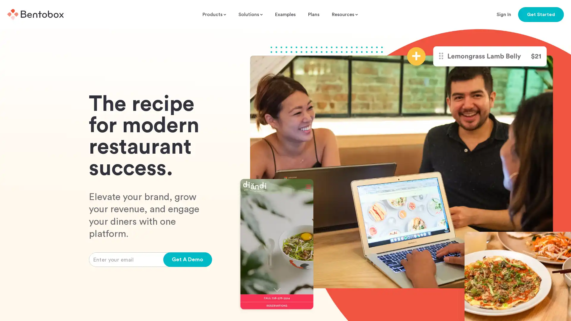  I want to click on Solutions, so click(250, 14).